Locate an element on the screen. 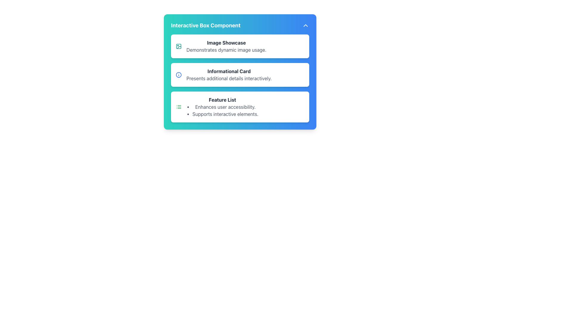 The width and height of the screenshot is (572, 321). the bold, large font text displaying 'Interactive Box Component' styled in white color, located at the top section of a card-like interface is located at coordinates (206, 25).